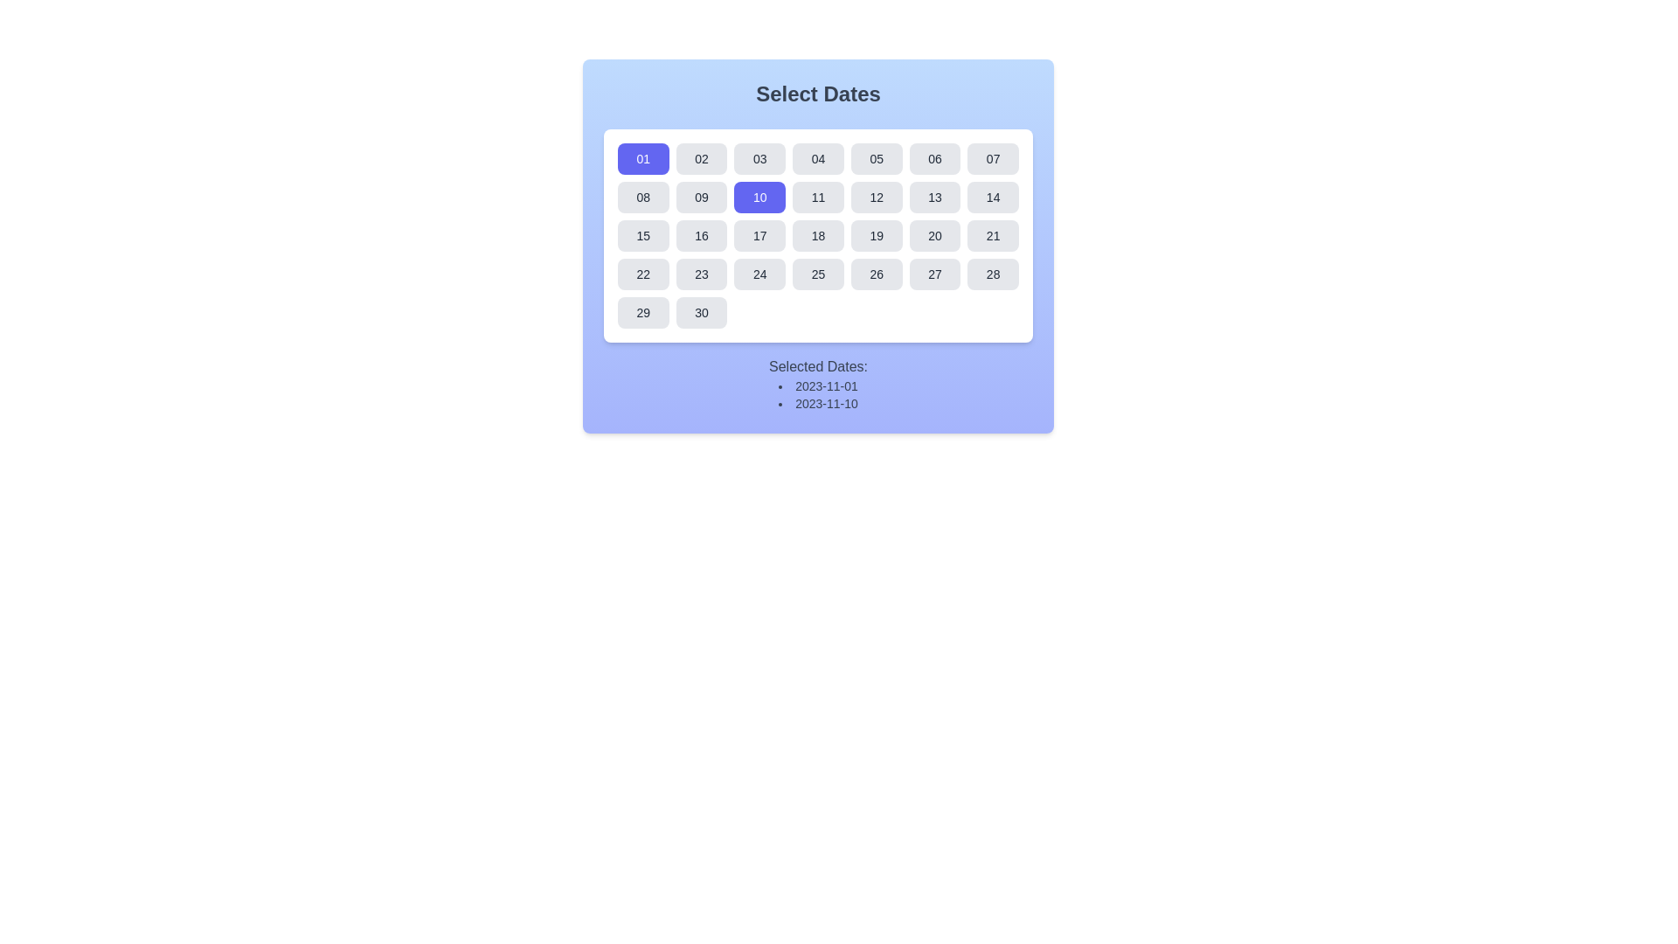 The width and height of the screenshot is (1678, 944). What do you see at coordinates (759, 197) in the screenshot?
I see `the selectable date option button representing the 10th day in the calendar interface` at bounding box center [759, 197].